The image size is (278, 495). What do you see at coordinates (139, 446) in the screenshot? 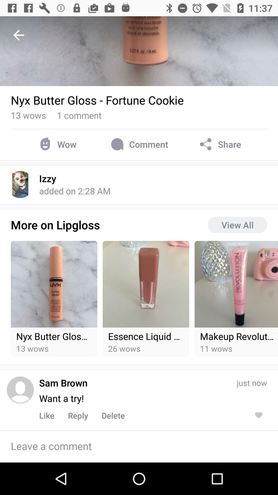
I see `leave a comment` at bounding box center [139, 446].